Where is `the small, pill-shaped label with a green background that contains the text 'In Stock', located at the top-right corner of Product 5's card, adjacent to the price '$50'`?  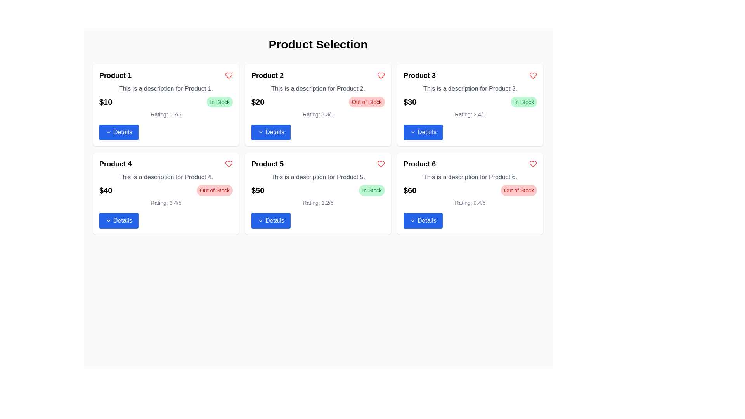
the small, pill-shaped label with a green background that contains the text 'In Stock', located at the top-right corner of Product 5's card, adjacent to the price '$50' is located at coordinates (371, 190).